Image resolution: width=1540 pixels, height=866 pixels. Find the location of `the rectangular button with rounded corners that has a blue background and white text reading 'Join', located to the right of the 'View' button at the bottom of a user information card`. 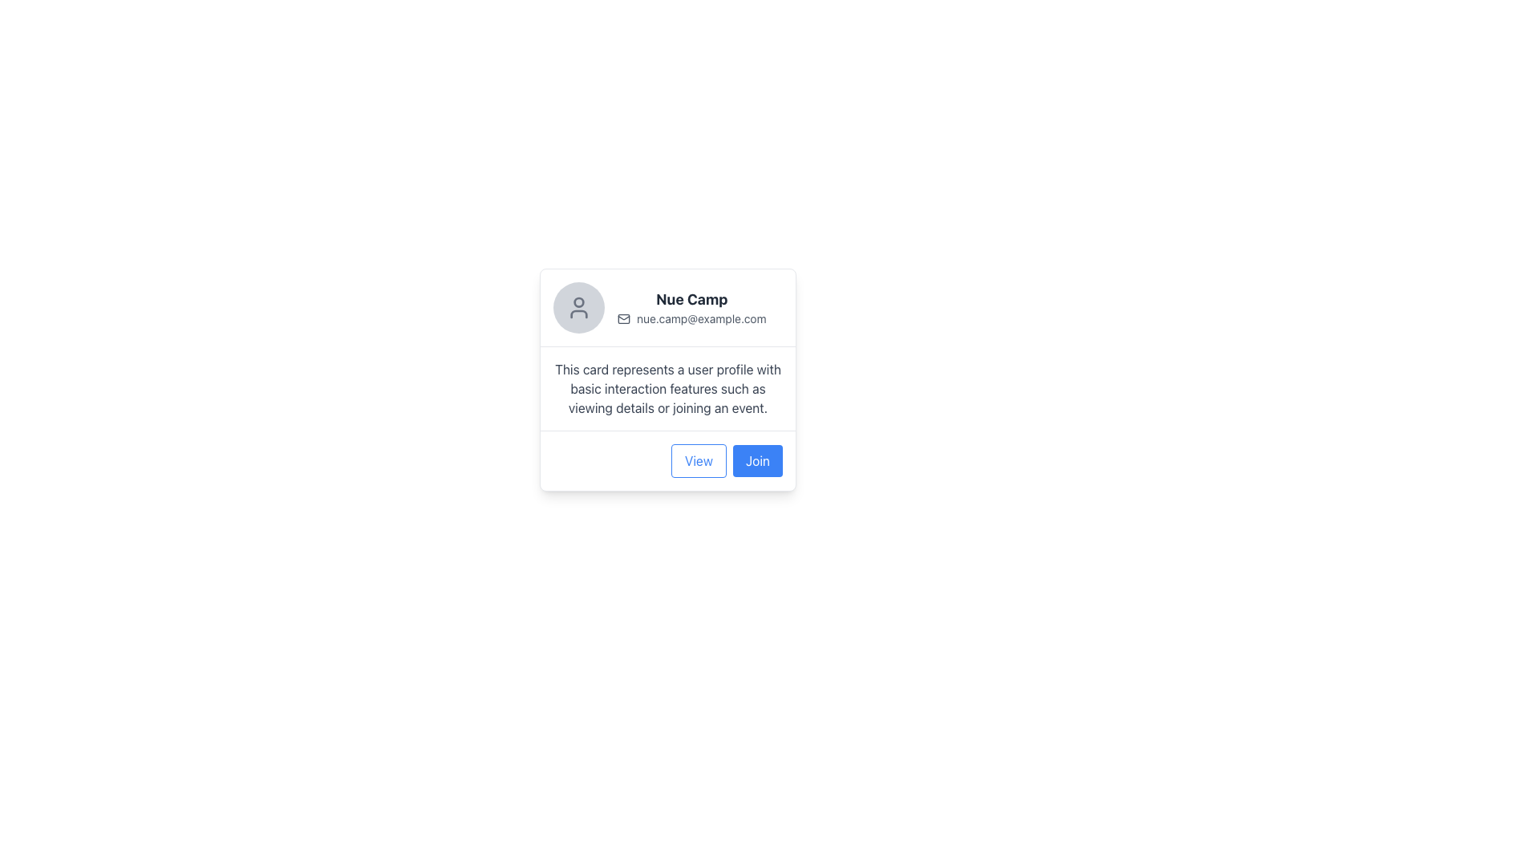

the rectangular button with rounded corners that has a blue background and white text reading 'Join', located to the right of the 'View' button at the bottom of a user information card is located at coordinates (757, 460).